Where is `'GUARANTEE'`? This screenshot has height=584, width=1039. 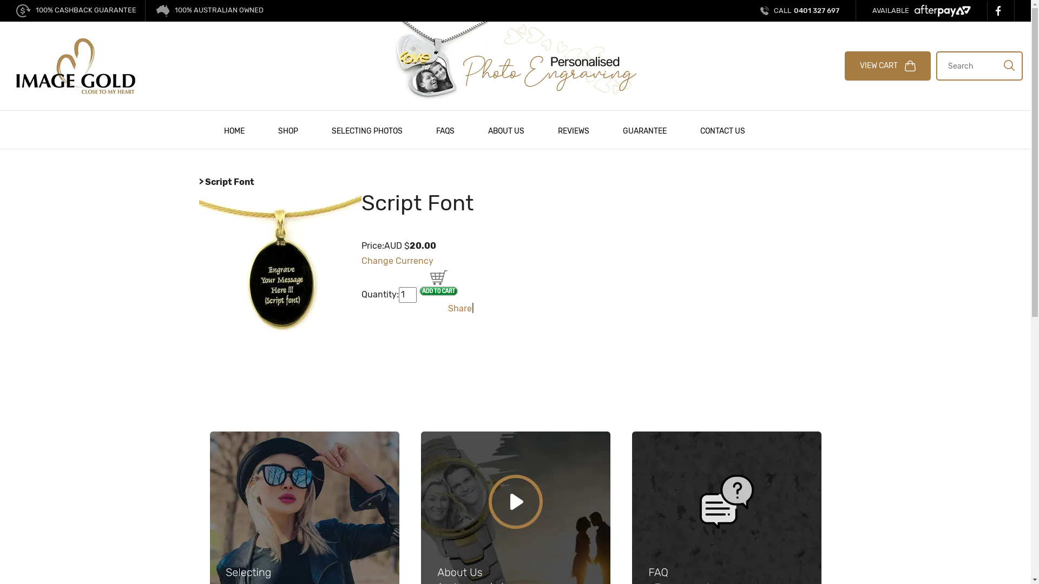 'GUARANTEE' is located at coordinates (645, 129).